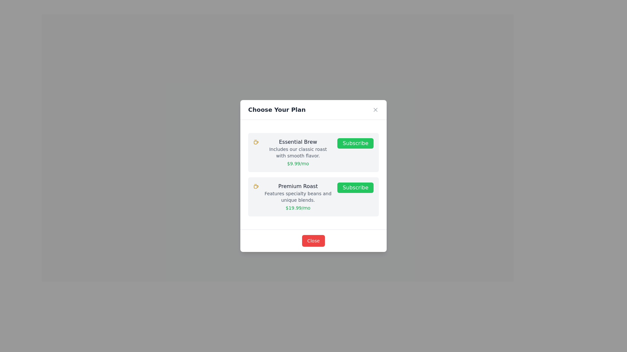 This screenshot has height=352, width=627. Describe the element at coordinates (376, 109) in the screenshot. I see `the close button represented by a small gray cross ('X') icon located at the top-right corner of the modal window` at that location.